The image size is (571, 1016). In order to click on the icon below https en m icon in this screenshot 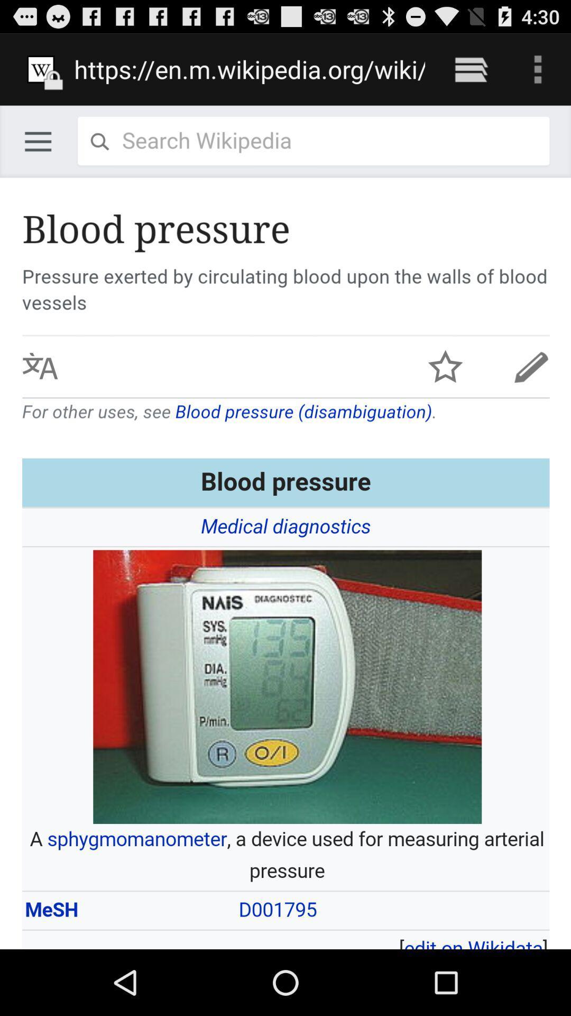, I will do `click(285, 527)`.